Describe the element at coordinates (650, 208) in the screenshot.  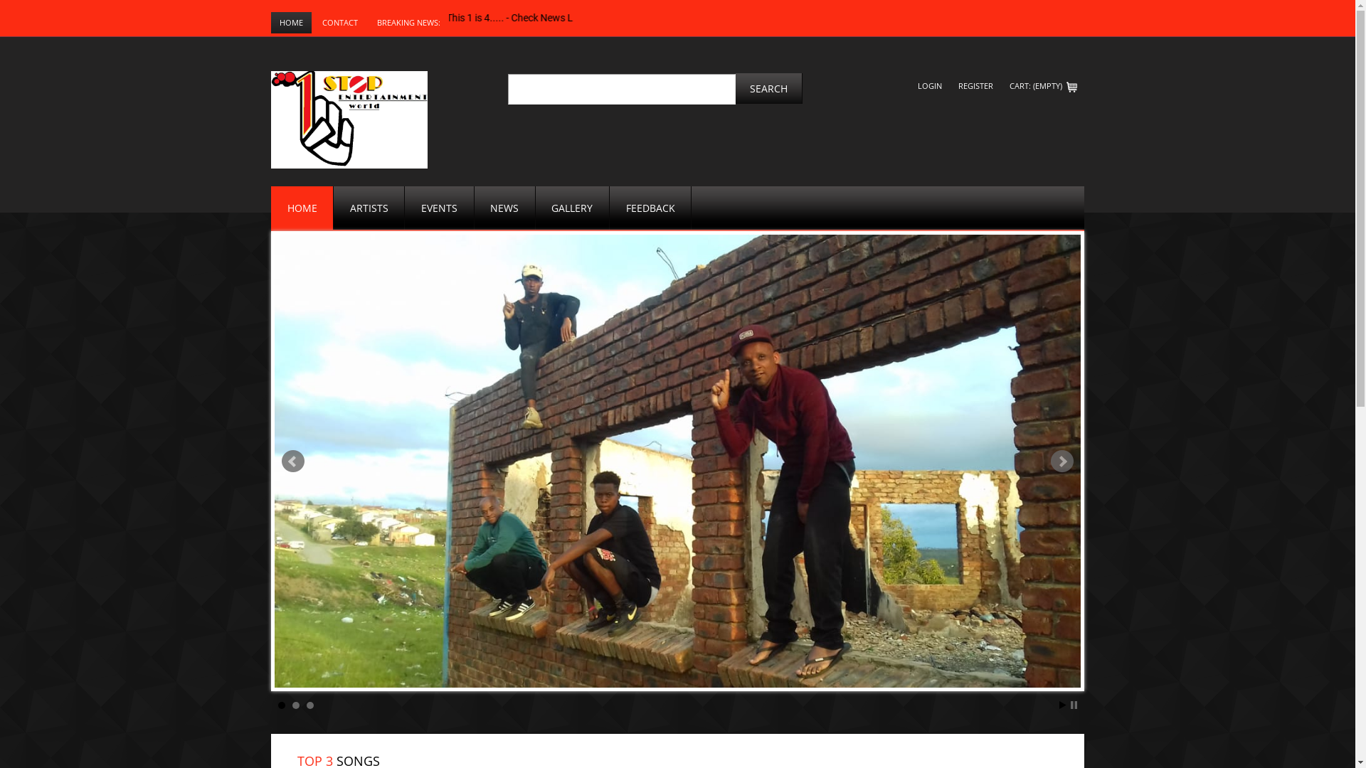
I see `'FEEDBACK'` at that location.